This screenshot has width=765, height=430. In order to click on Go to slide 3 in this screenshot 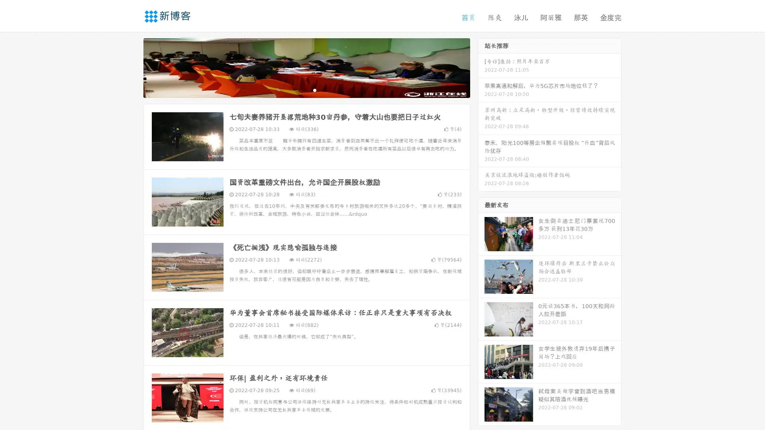, I will do `click(314, 90)`.